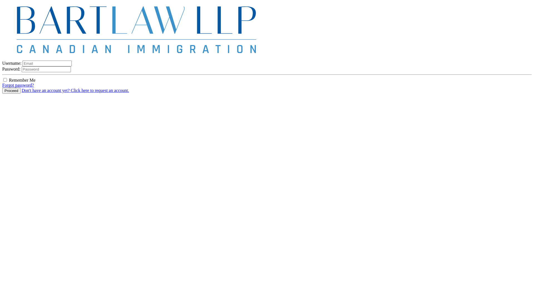 This screenshot has height=300, width=534. I want to click on 'Don't have an account yet? Click here to request an account.', so click(21, 90).